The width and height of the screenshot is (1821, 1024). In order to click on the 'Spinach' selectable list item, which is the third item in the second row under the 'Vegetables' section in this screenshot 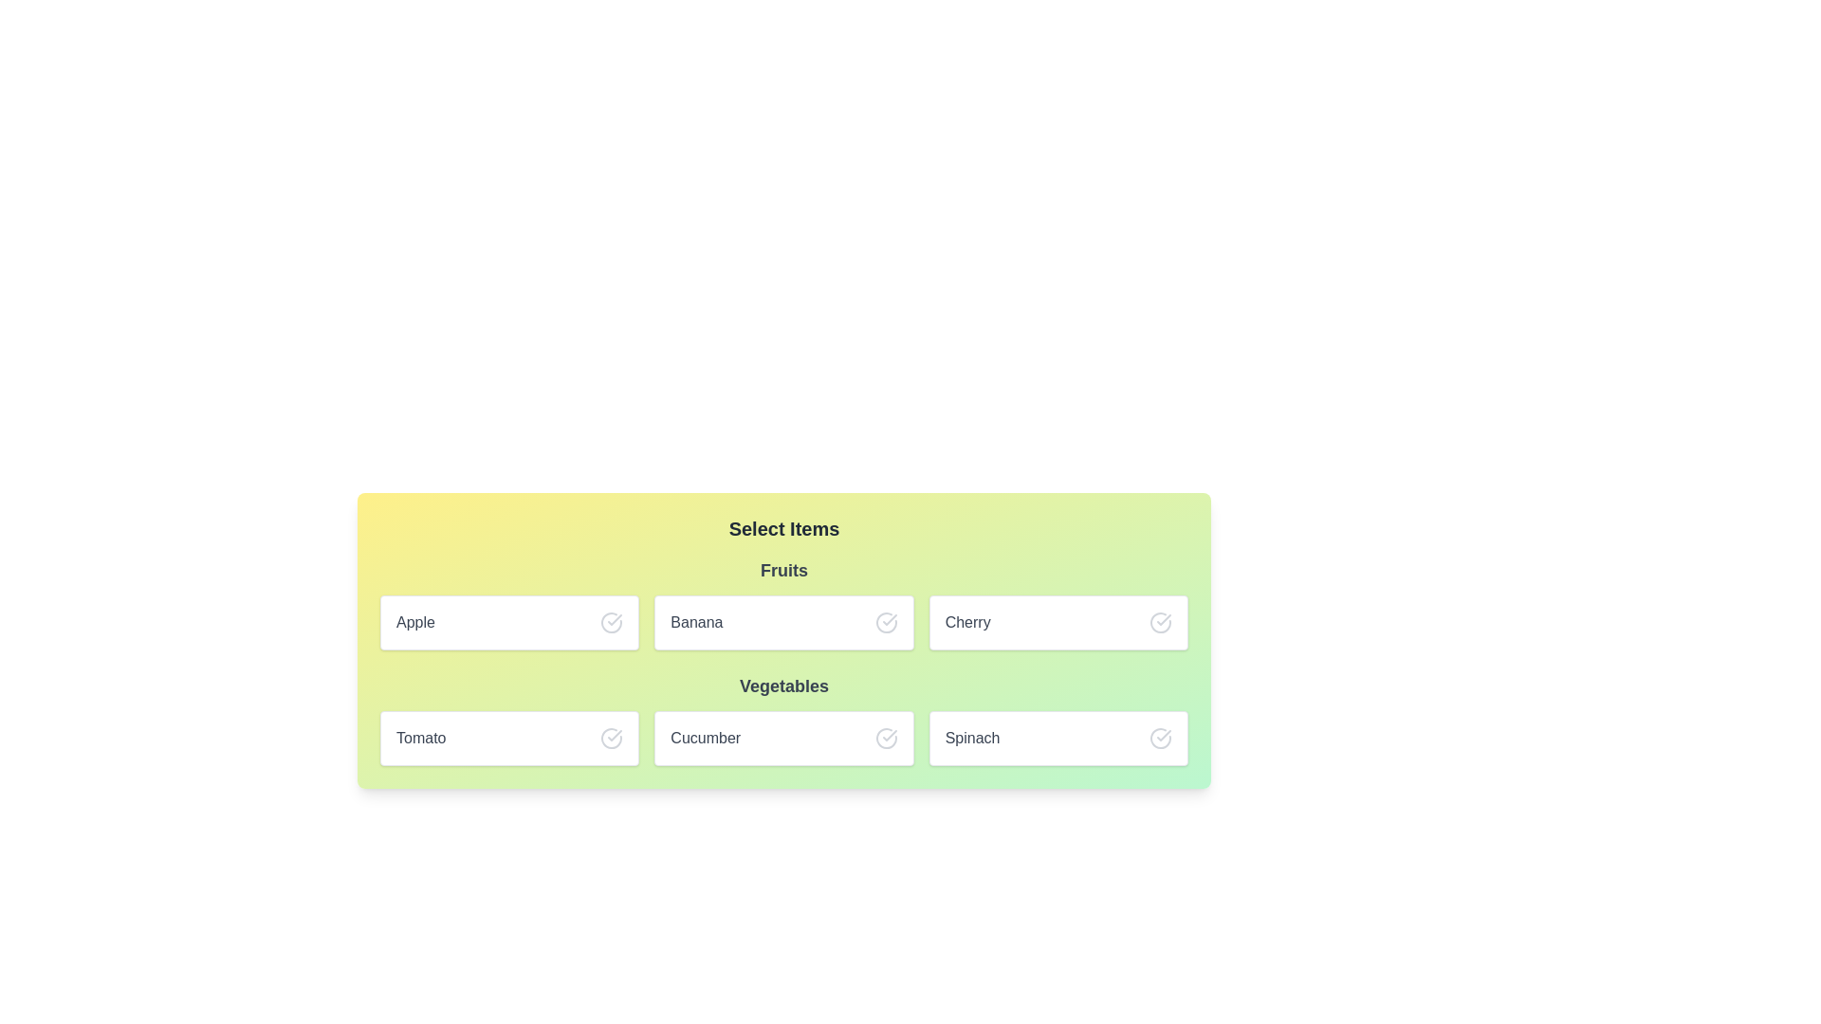, I will do `click(1058, 738)`.